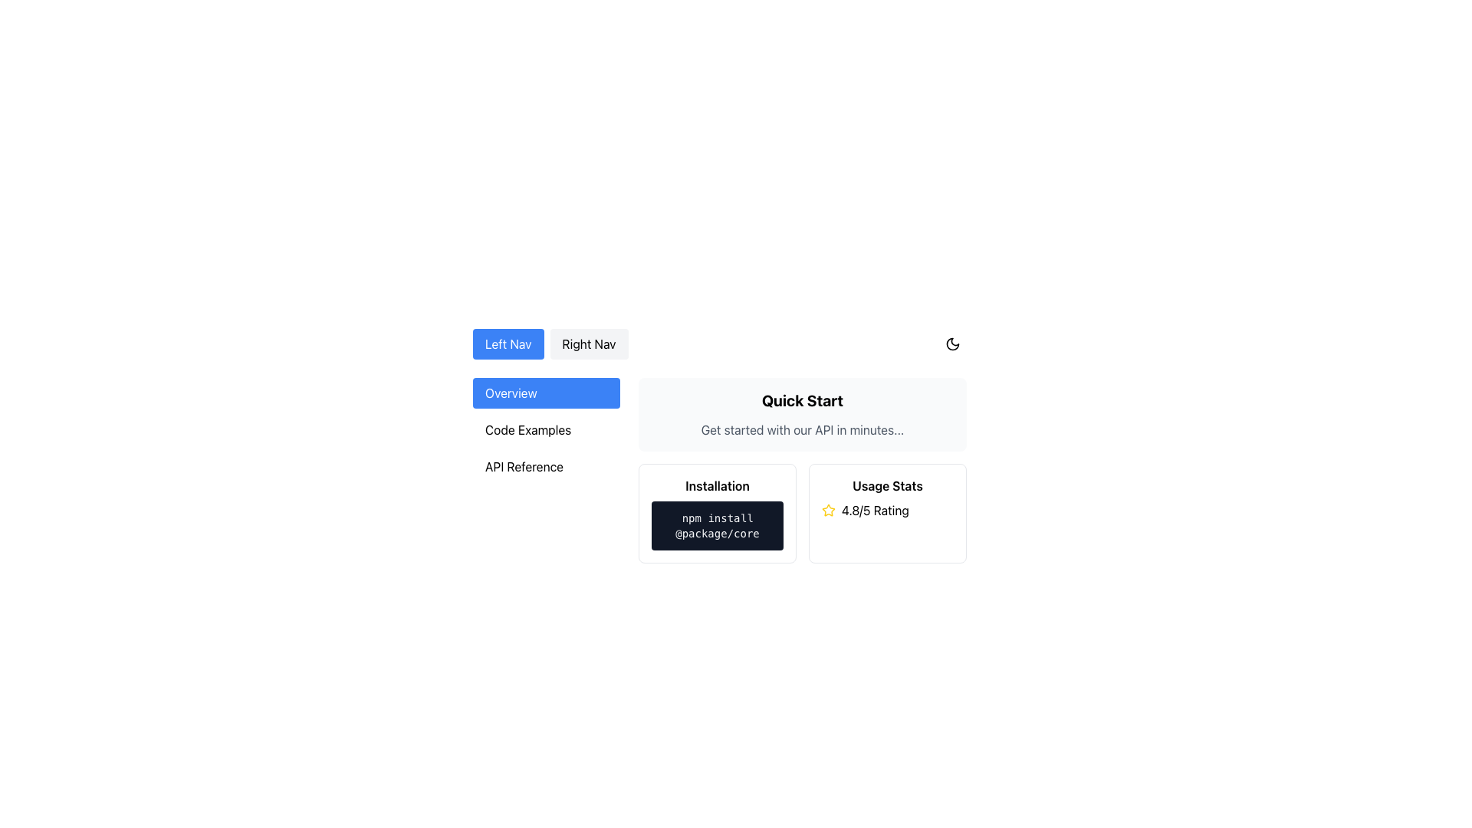 The height and width of the screenshot is (828, 1472). I want to click on the small circular button with a crescent moon icon located at the top-right corner of the interface, so click(952, 343).